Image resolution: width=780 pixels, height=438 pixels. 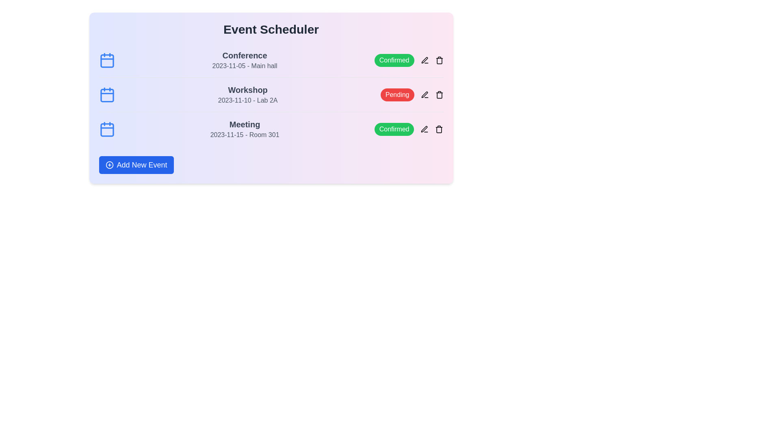 What do you see at coordinates (271, 94) in the screenshot?
I see `on the second event entry in the Event Scheduler list` at bounding box center [271, 94].